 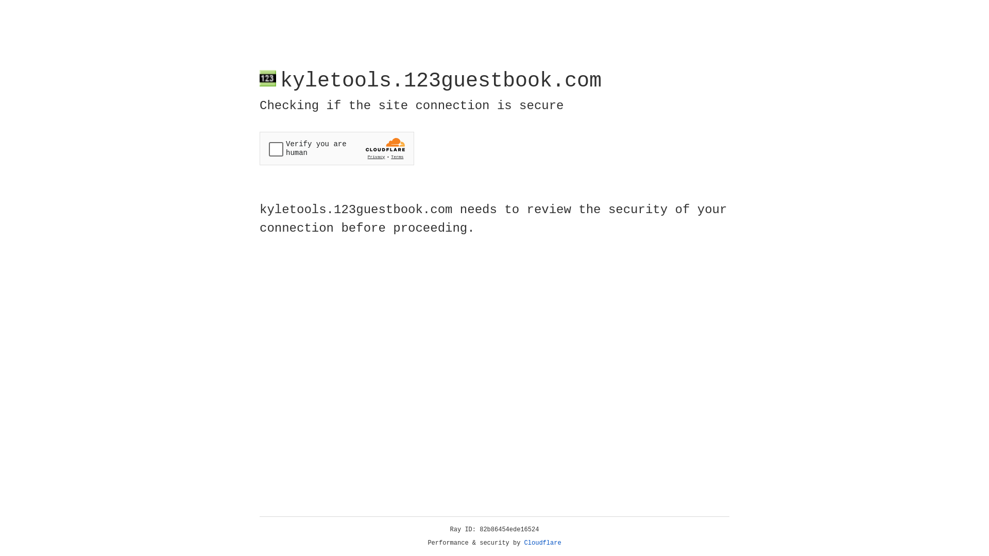 I want to click on 'Cloudflare', so click(x=542, y=543).